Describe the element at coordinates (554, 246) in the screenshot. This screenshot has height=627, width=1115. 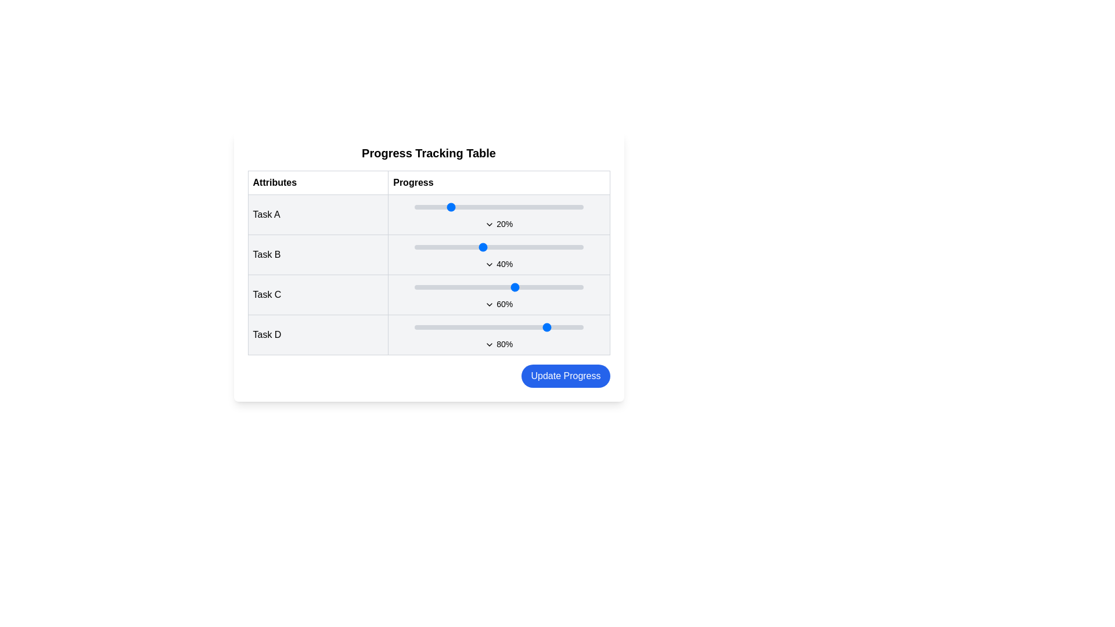
I see `the progress of Task B` at that location.